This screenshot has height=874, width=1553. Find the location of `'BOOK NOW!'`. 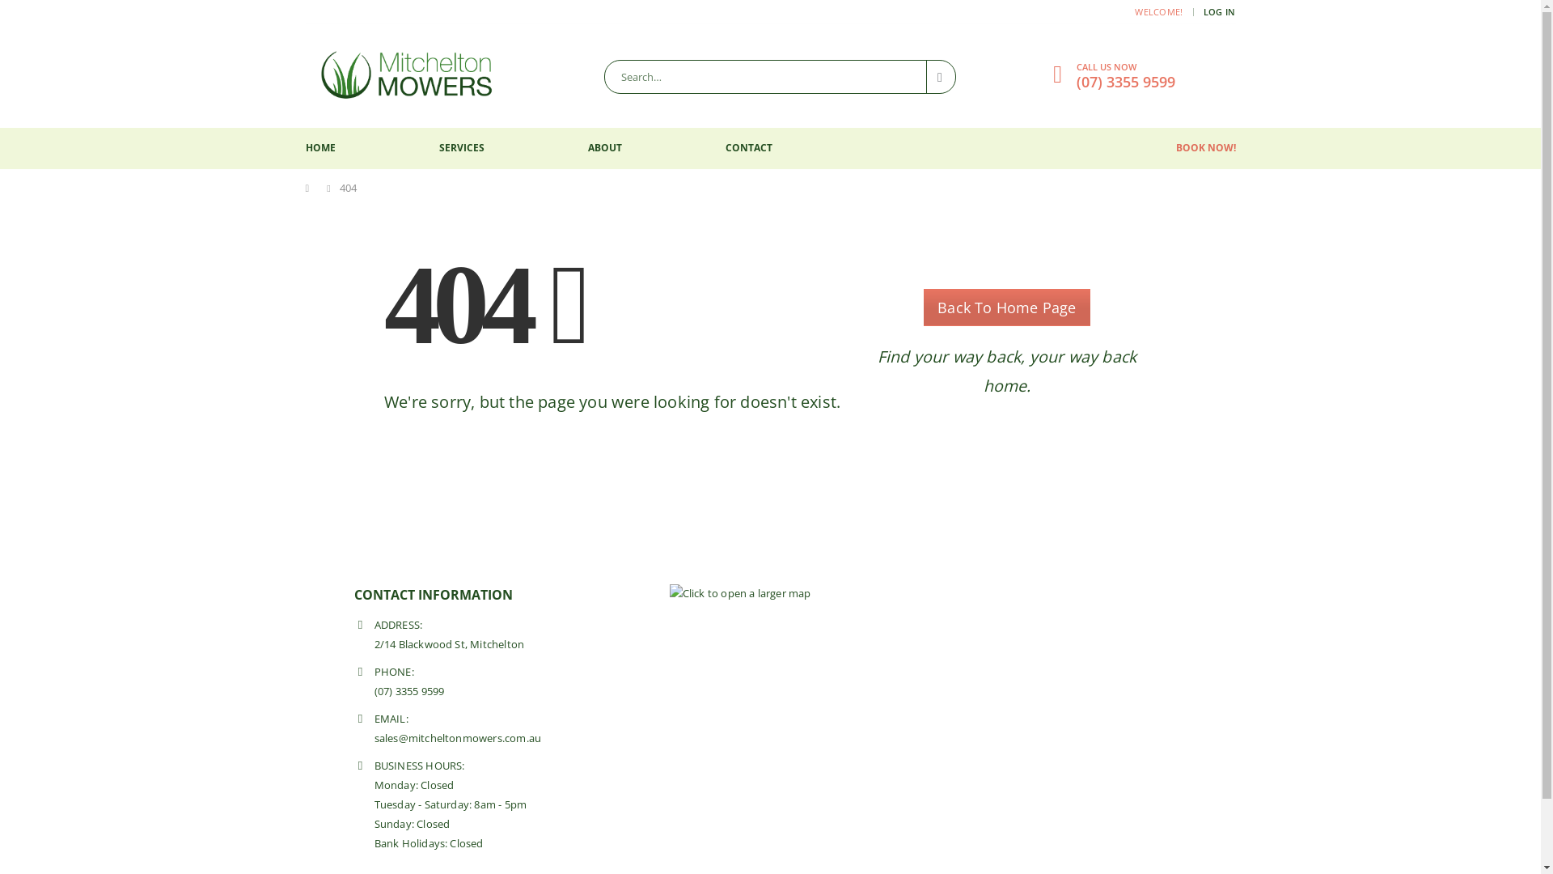

'BOOK NOW!' is located at coordinates (1206, 147).